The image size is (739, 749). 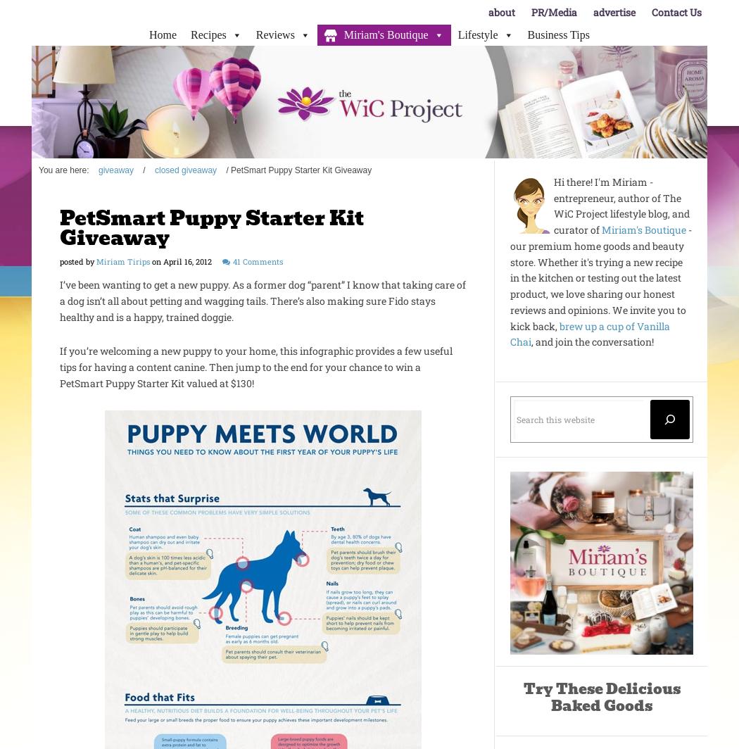 What do you see at coordinates (148, 34) in the screenshot?
I see `'Home'` at bounding box center [148, 34].